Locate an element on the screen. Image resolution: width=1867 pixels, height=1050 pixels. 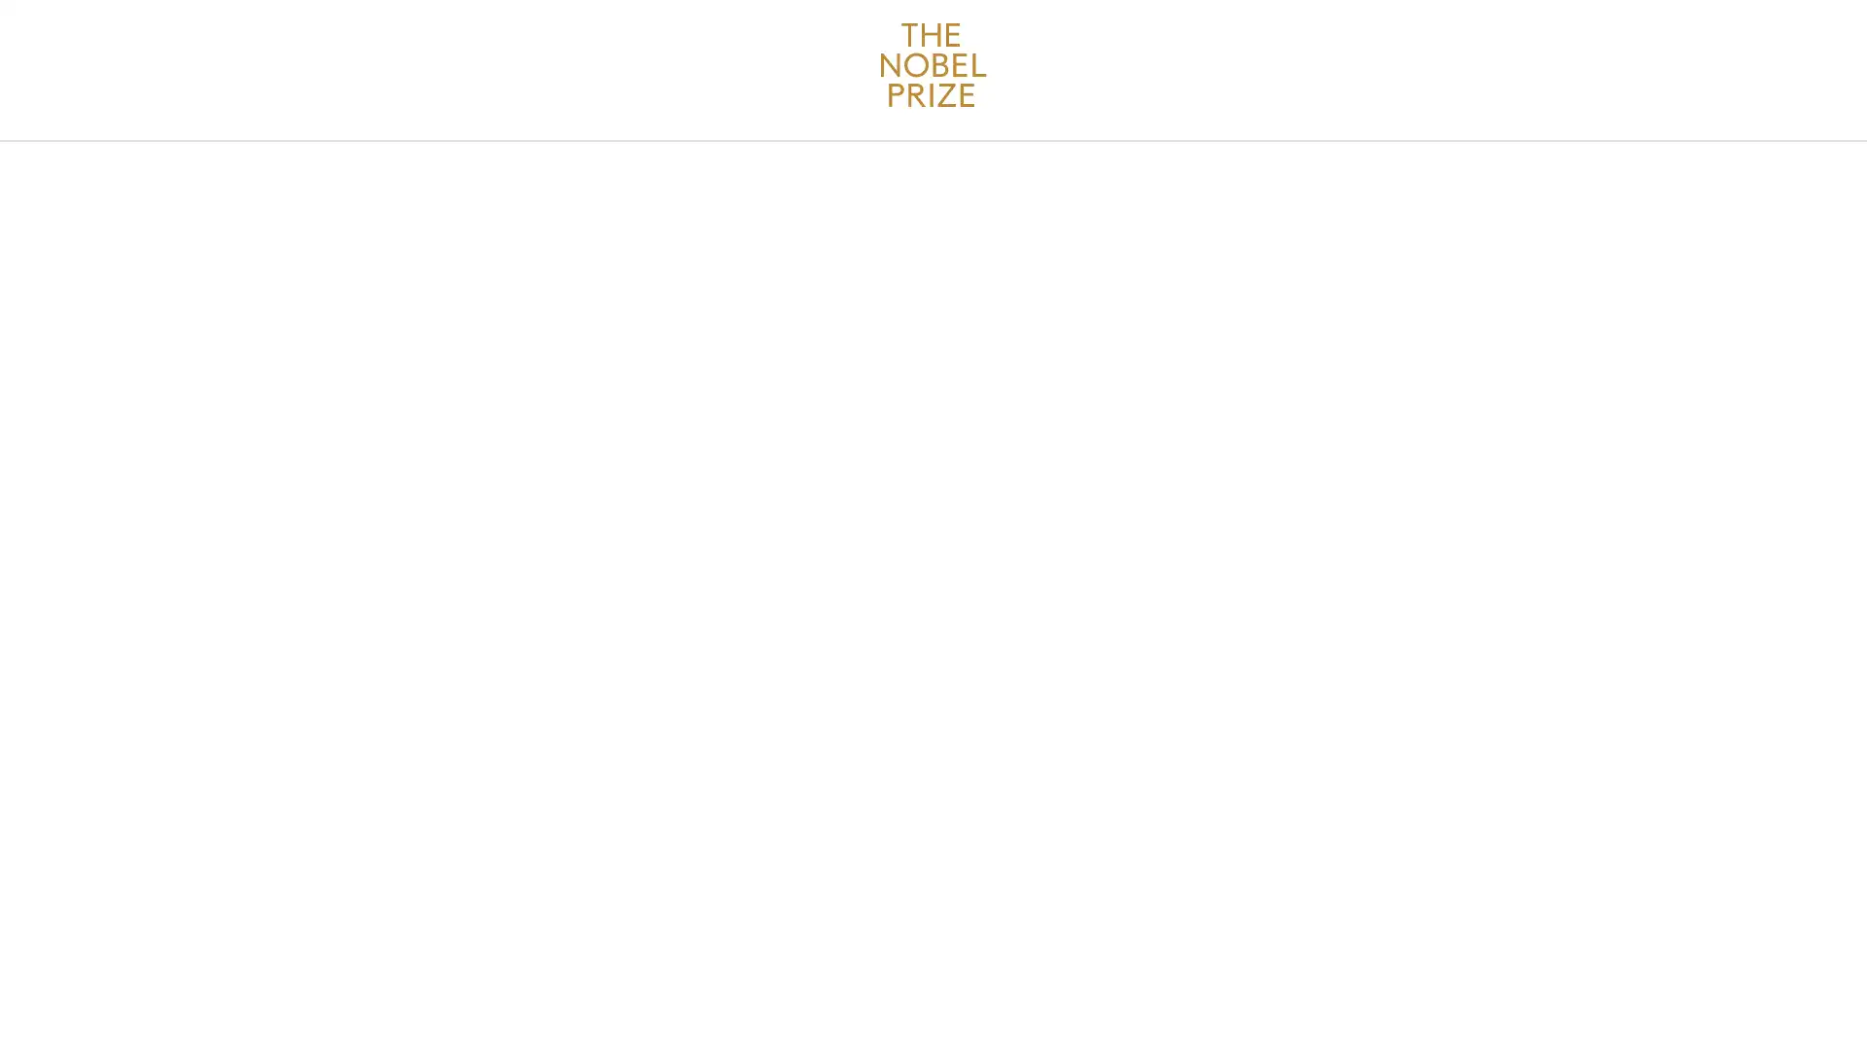
Press Release is located at coordinates (1008, 217).